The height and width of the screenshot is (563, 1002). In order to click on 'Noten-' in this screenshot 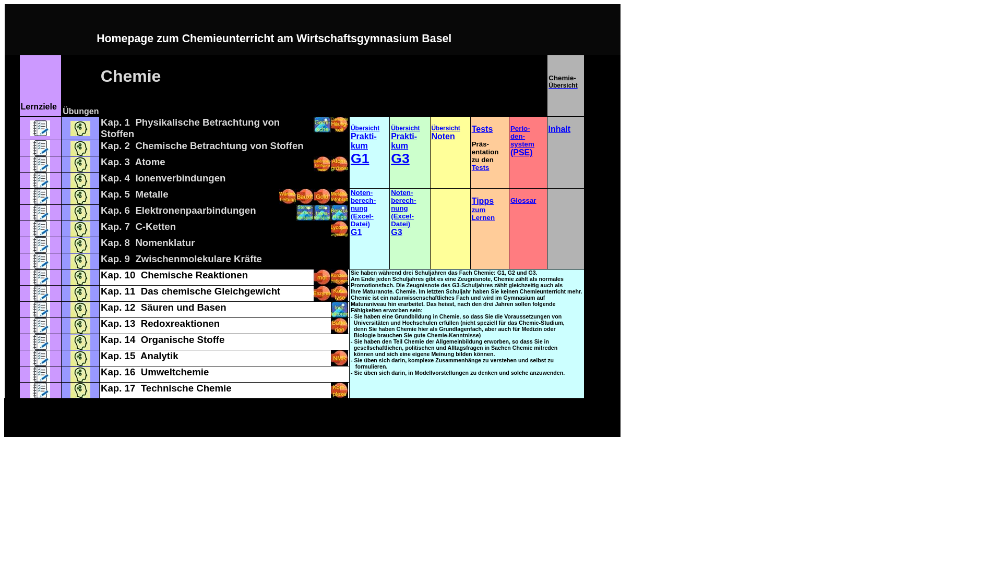, I will do `click(351, 192)`.